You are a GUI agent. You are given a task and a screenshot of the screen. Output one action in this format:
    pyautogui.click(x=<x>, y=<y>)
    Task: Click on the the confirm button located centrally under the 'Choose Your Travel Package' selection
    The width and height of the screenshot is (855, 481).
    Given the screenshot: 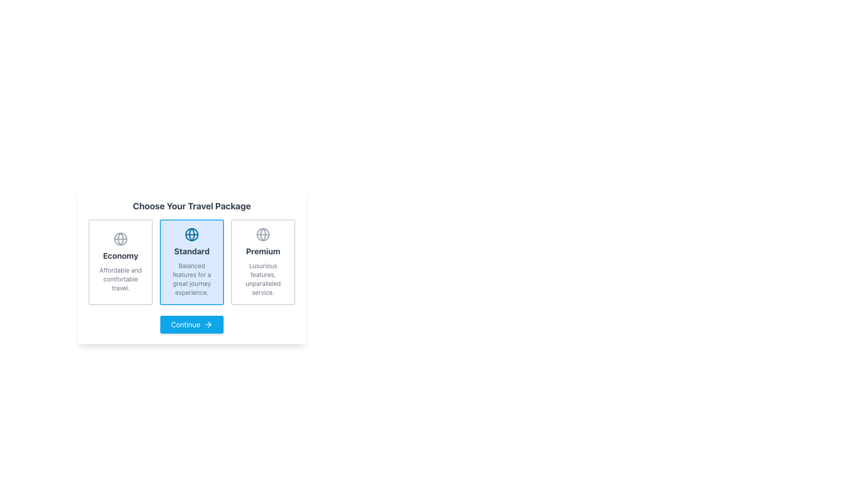 What is the action you would take?
    pyautogui.click(x=191, y=325)
    